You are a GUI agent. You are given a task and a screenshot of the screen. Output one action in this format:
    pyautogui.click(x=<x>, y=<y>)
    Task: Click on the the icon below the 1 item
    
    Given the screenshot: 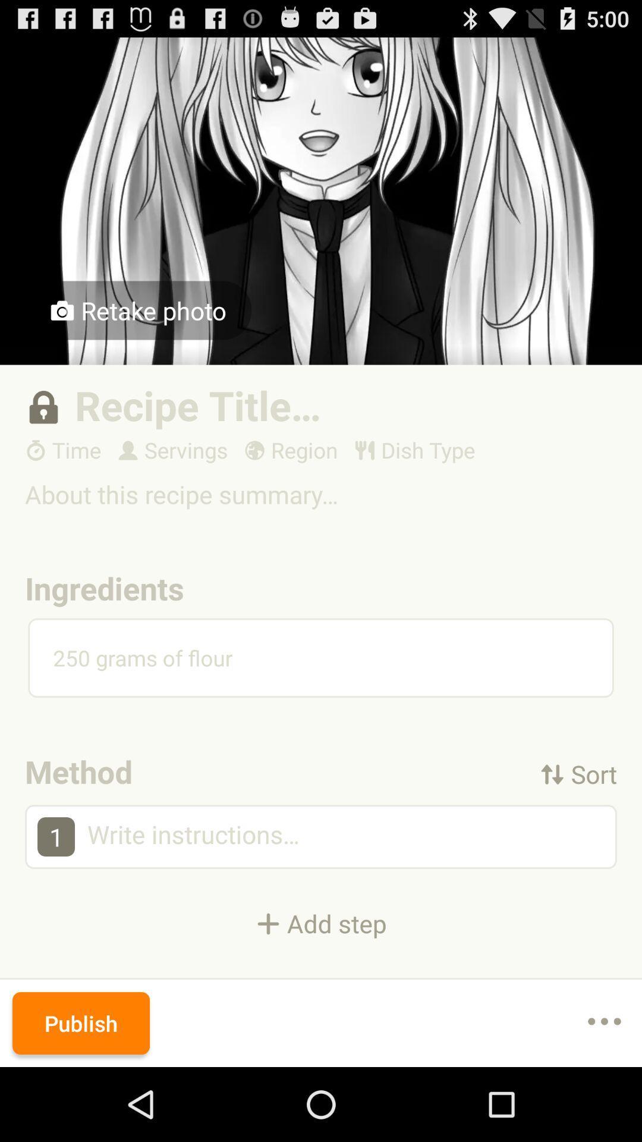 What is the action you would take?
    pyautogui.click(x=321, y=923)
    